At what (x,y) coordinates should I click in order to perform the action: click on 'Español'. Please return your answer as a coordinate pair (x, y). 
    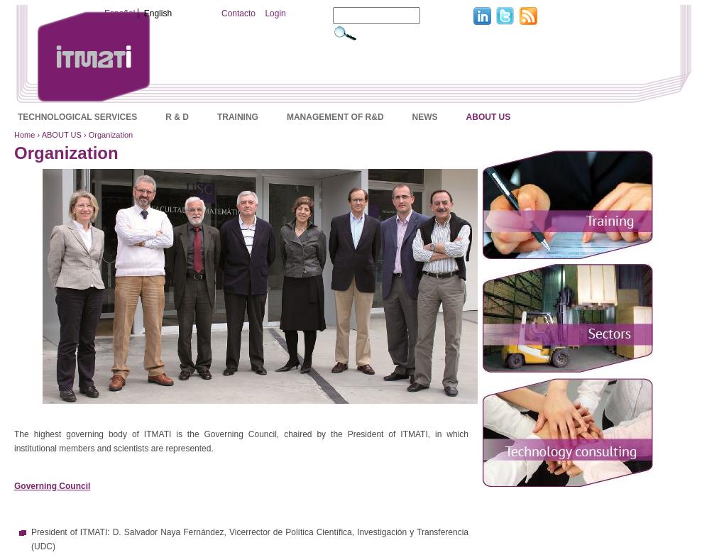
    Looking at the image, I should click on (119, 13).